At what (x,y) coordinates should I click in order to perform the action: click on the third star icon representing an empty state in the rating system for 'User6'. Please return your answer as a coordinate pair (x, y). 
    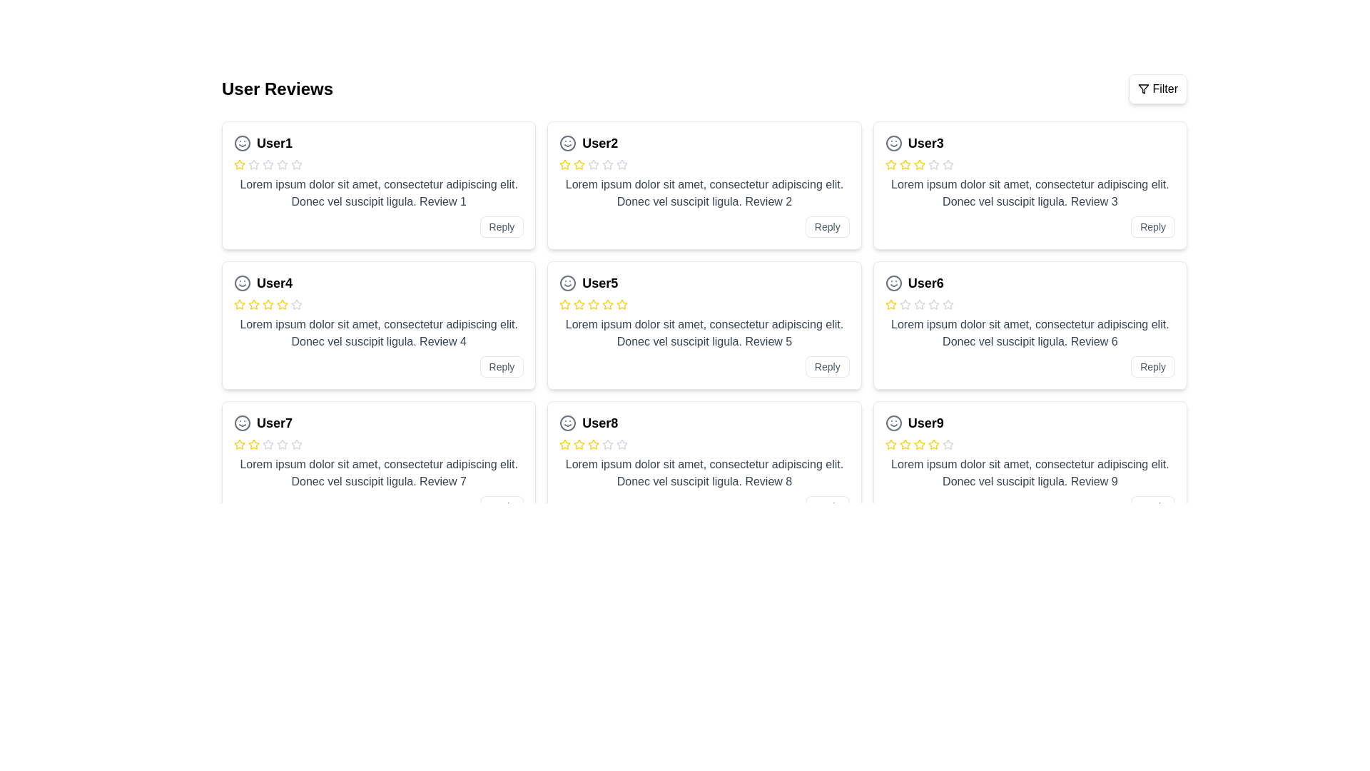
    Looking at the image, I should click on (904, 304).